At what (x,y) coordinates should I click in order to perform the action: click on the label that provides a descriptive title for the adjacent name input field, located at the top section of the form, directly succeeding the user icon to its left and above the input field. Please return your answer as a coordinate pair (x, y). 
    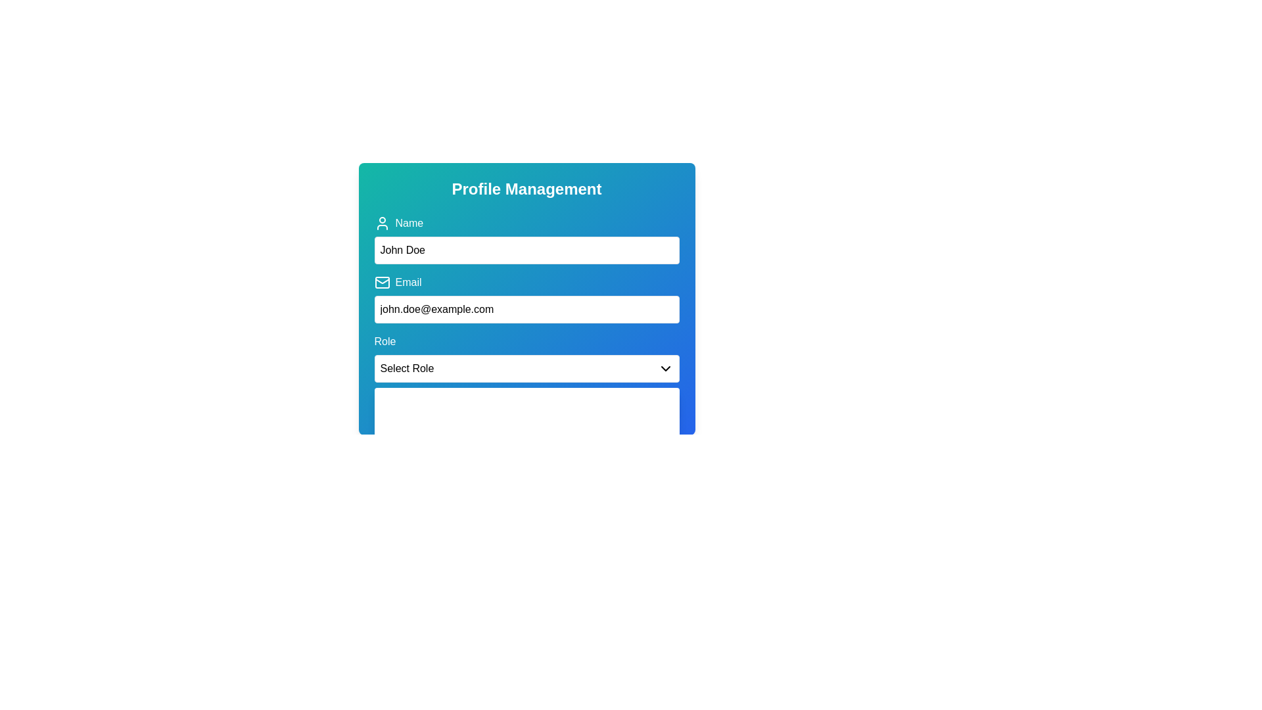
    Looking at the image, I should click on (408, 222).